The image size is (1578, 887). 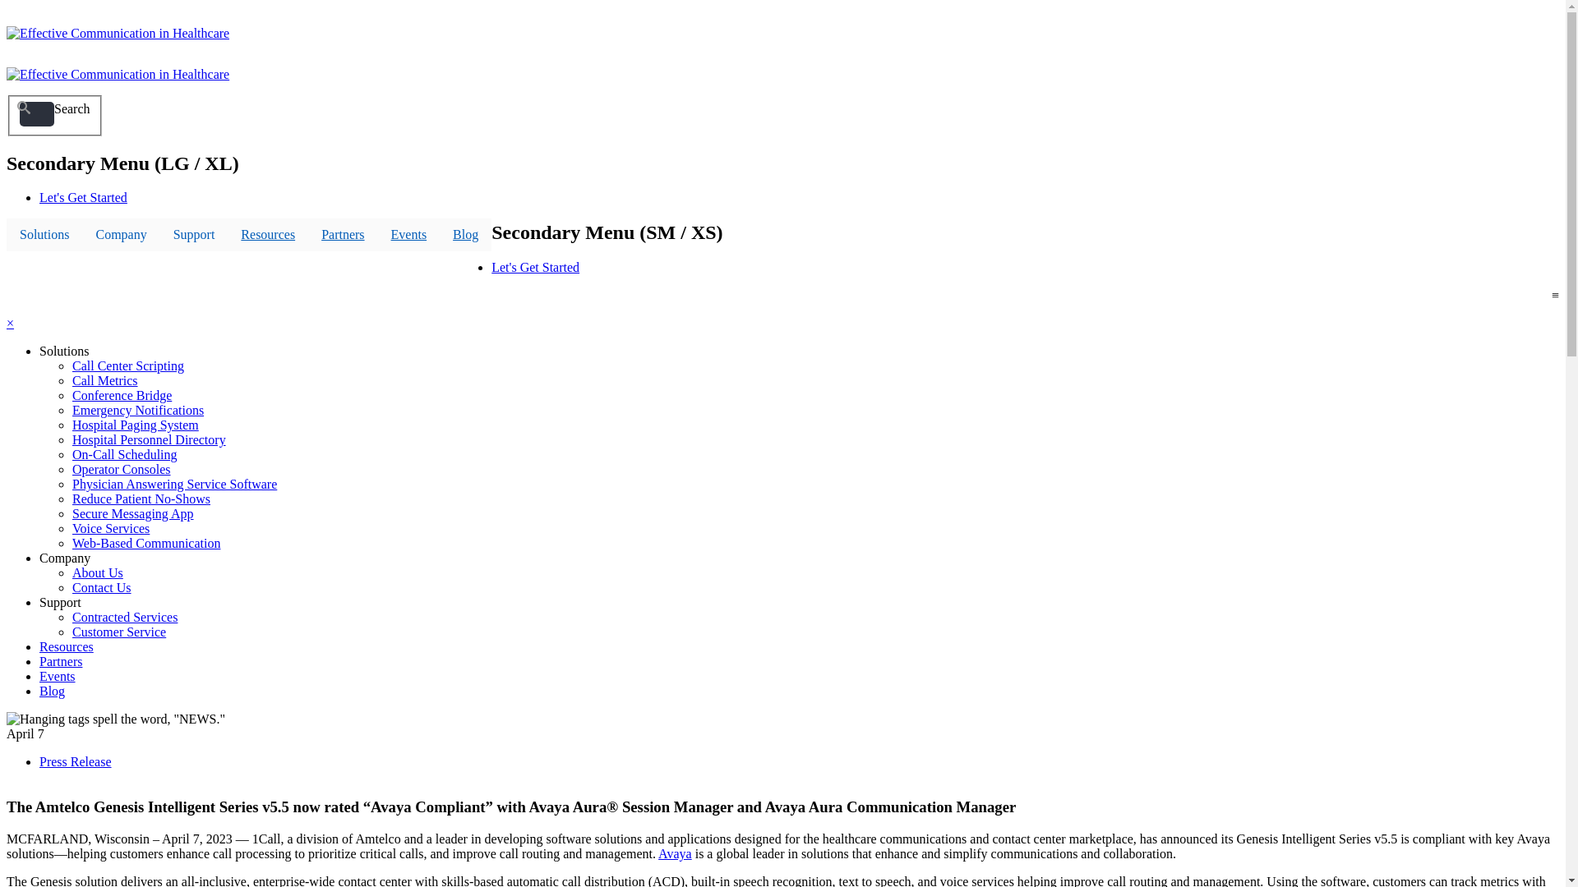 I want to click on 'Let's Get Started', so click(x=82, y=196).